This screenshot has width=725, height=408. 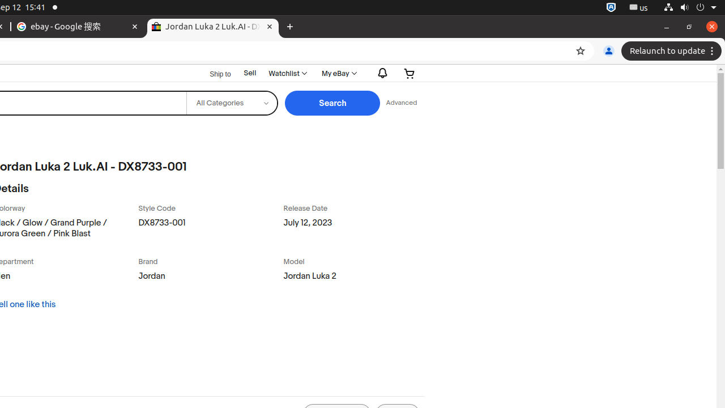 I want to click on 'System', so click(x=689, y=7).